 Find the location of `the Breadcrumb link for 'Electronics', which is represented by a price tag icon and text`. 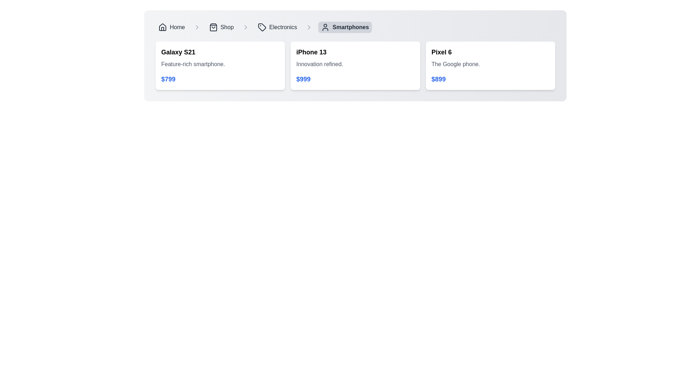

the Breadcrumb link for 'Electronics', which is represented by a price tag icon and text is located at coordinates (277, 27).